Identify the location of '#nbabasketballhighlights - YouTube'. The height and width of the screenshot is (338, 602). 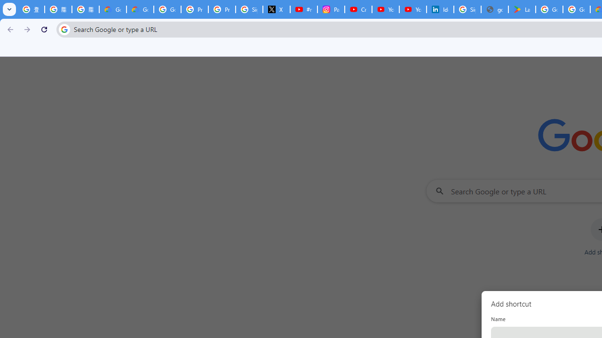
(303, 9).